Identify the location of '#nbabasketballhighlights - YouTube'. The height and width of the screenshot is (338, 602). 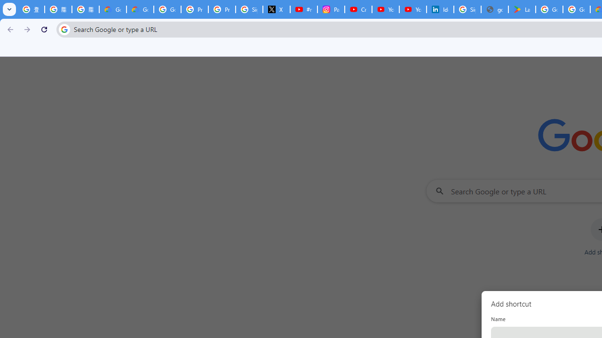
(303, 9).